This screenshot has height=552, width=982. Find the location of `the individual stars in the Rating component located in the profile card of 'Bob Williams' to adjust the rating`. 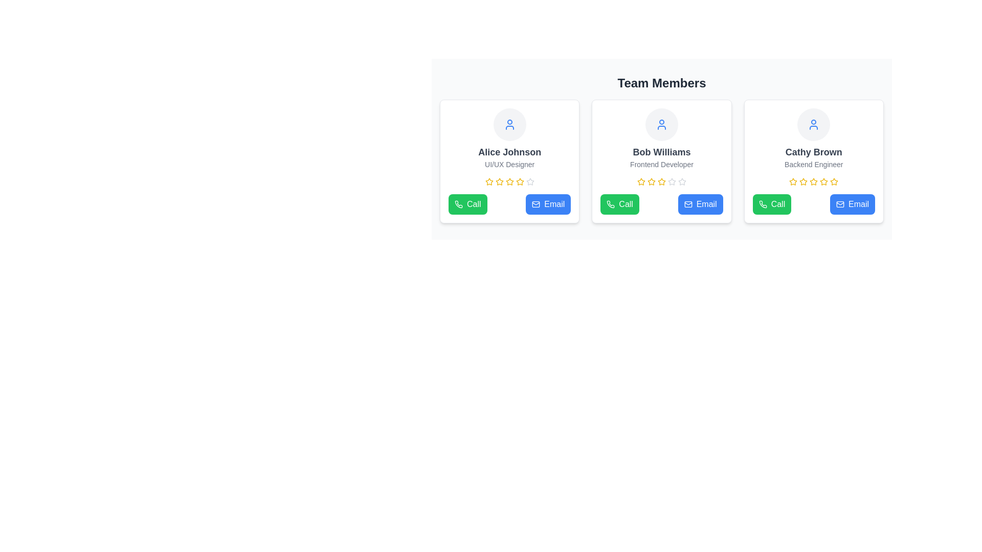

the individual stars in the Rating component located in the profile card of 'Bob Williams' to adjust the rating is located at coordinates (662, 181).